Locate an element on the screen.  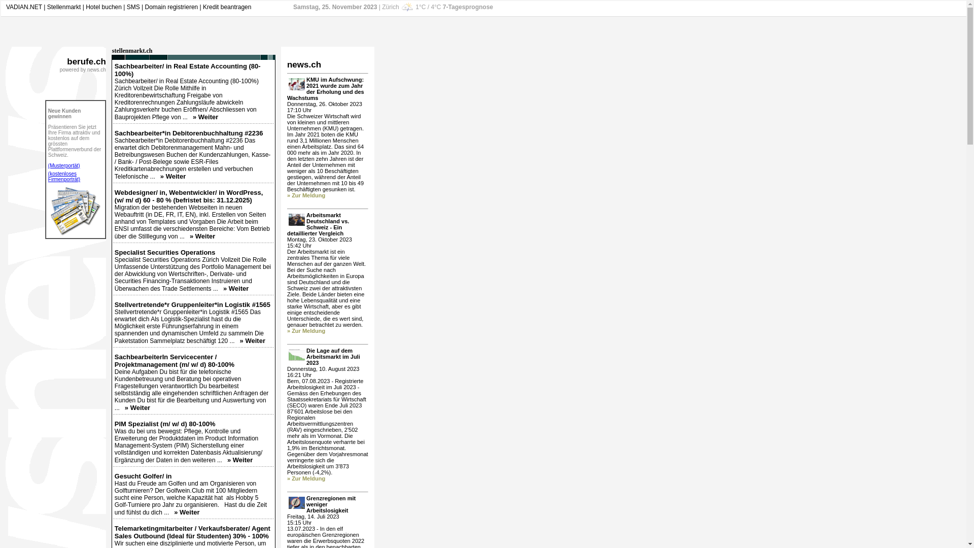
'VADIAN.NET' is located at coordinates (24, 7).